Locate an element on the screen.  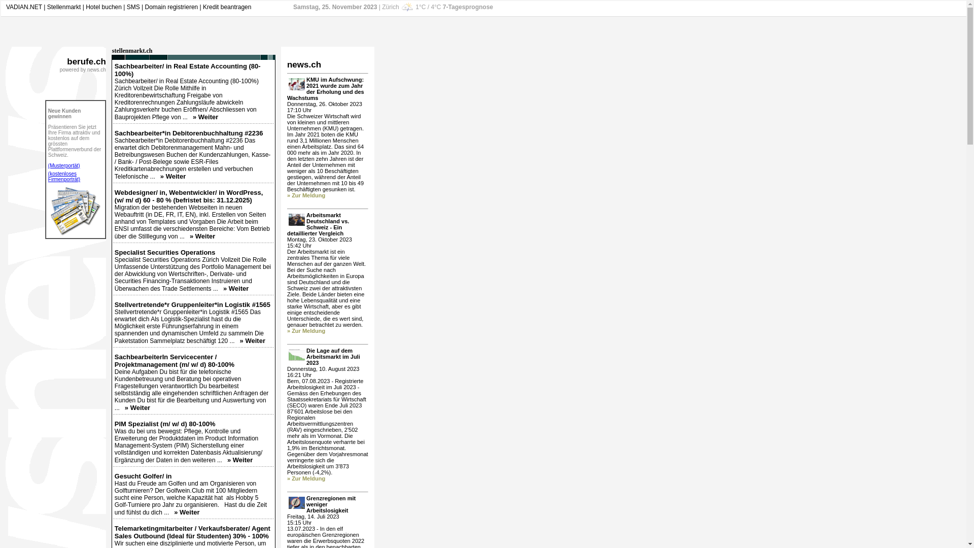
'VADIAN.NET' is located at coordinates (24, 7).